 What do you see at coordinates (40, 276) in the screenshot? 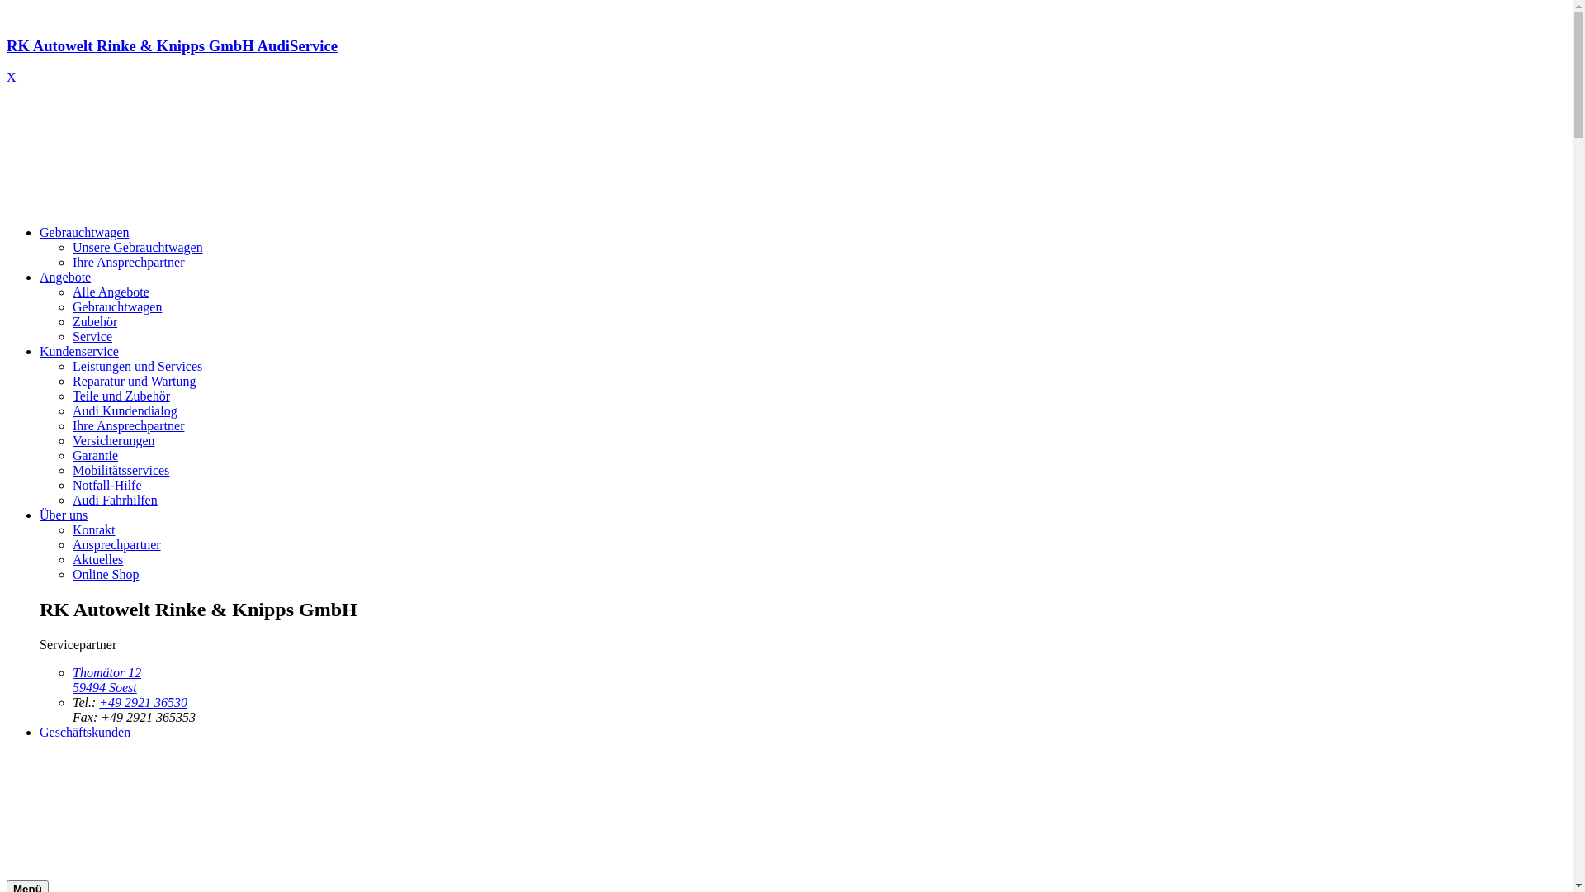
I see `'Angebote'` at bounding box center [40, 276].